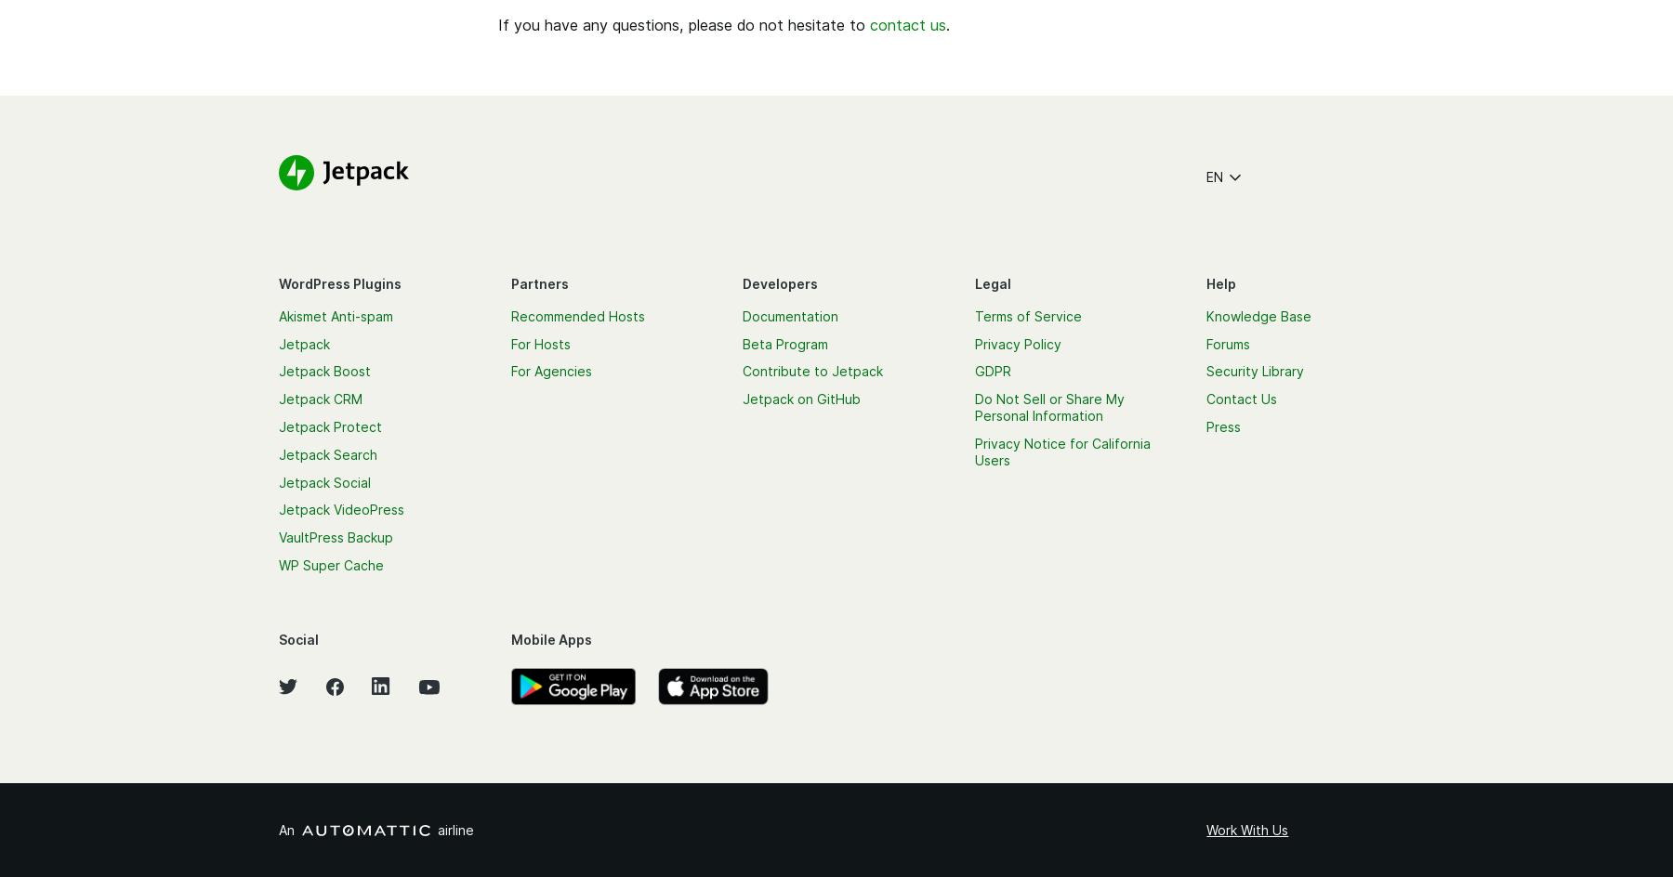  Describe the element at coordinates (297, 637) in the screenshot. I see `'Social'` at that location.